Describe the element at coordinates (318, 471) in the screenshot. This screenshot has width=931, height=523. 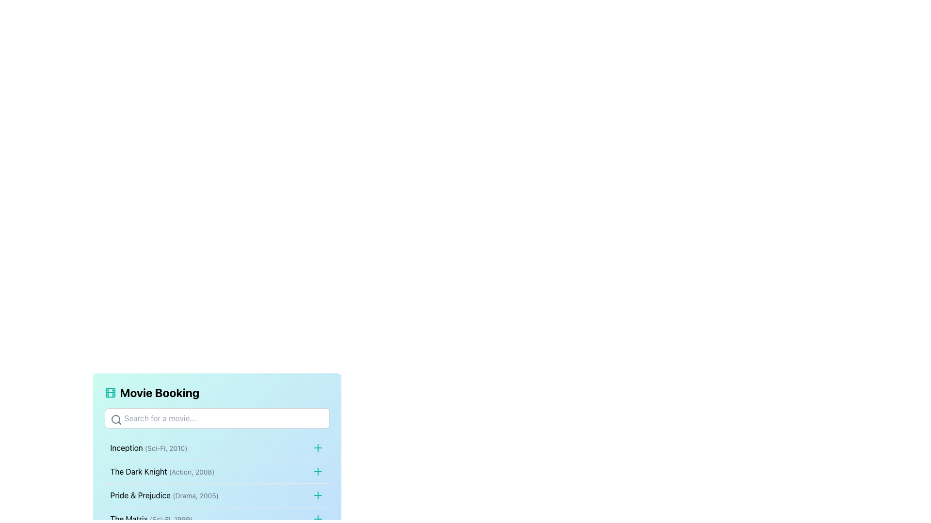
I see `the small plus icon with thin teal-colored lines, located to the right of the text 'The Dark Knight (Action, 2008)'` at that location.